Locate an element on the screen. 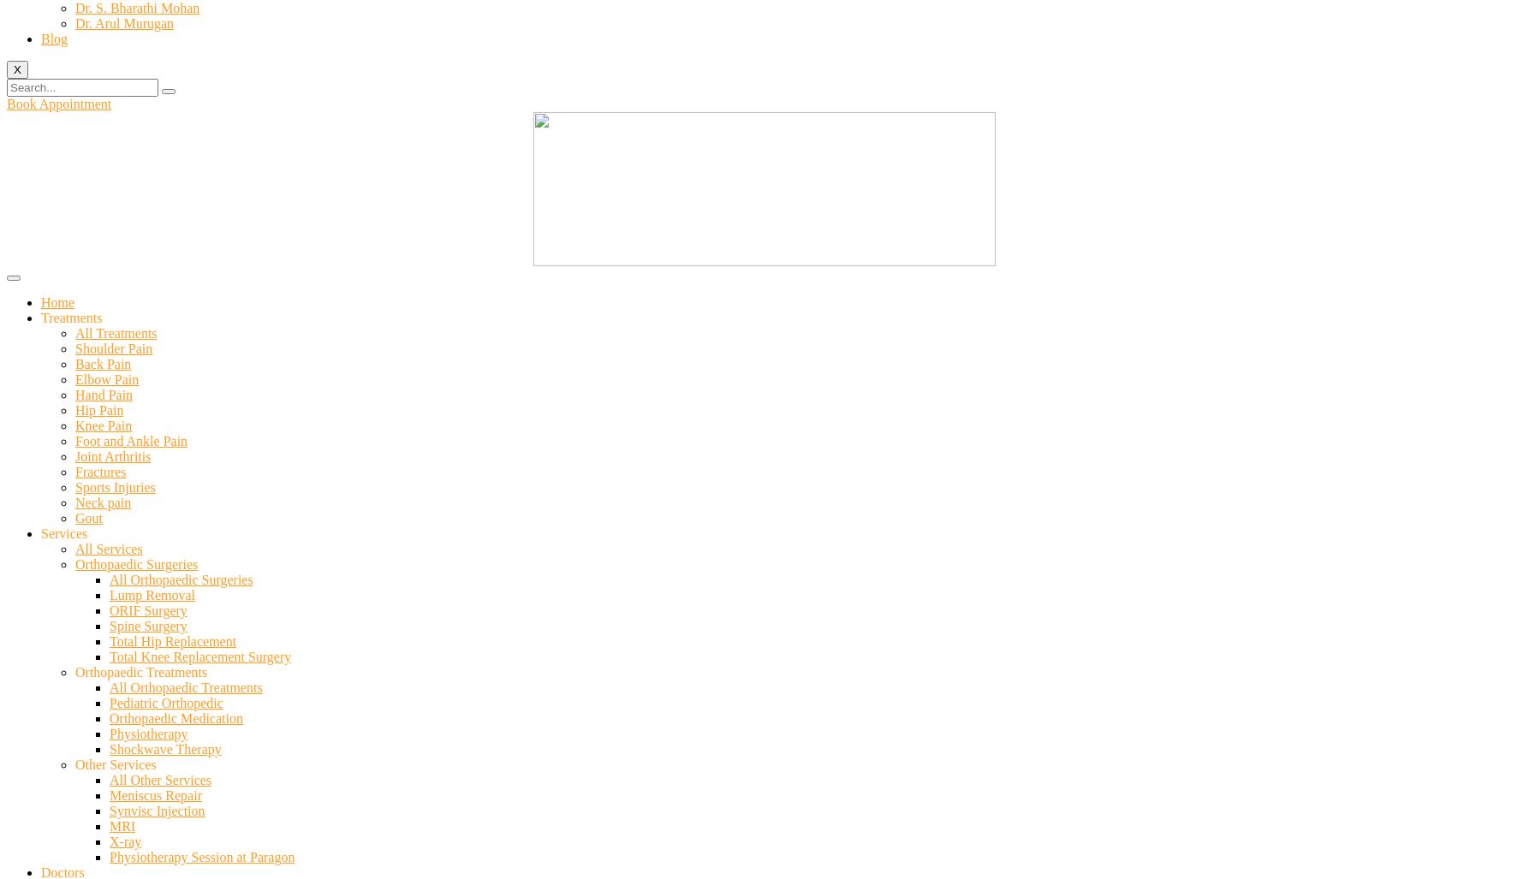  'Gout' is located at coordinates (88, 518).